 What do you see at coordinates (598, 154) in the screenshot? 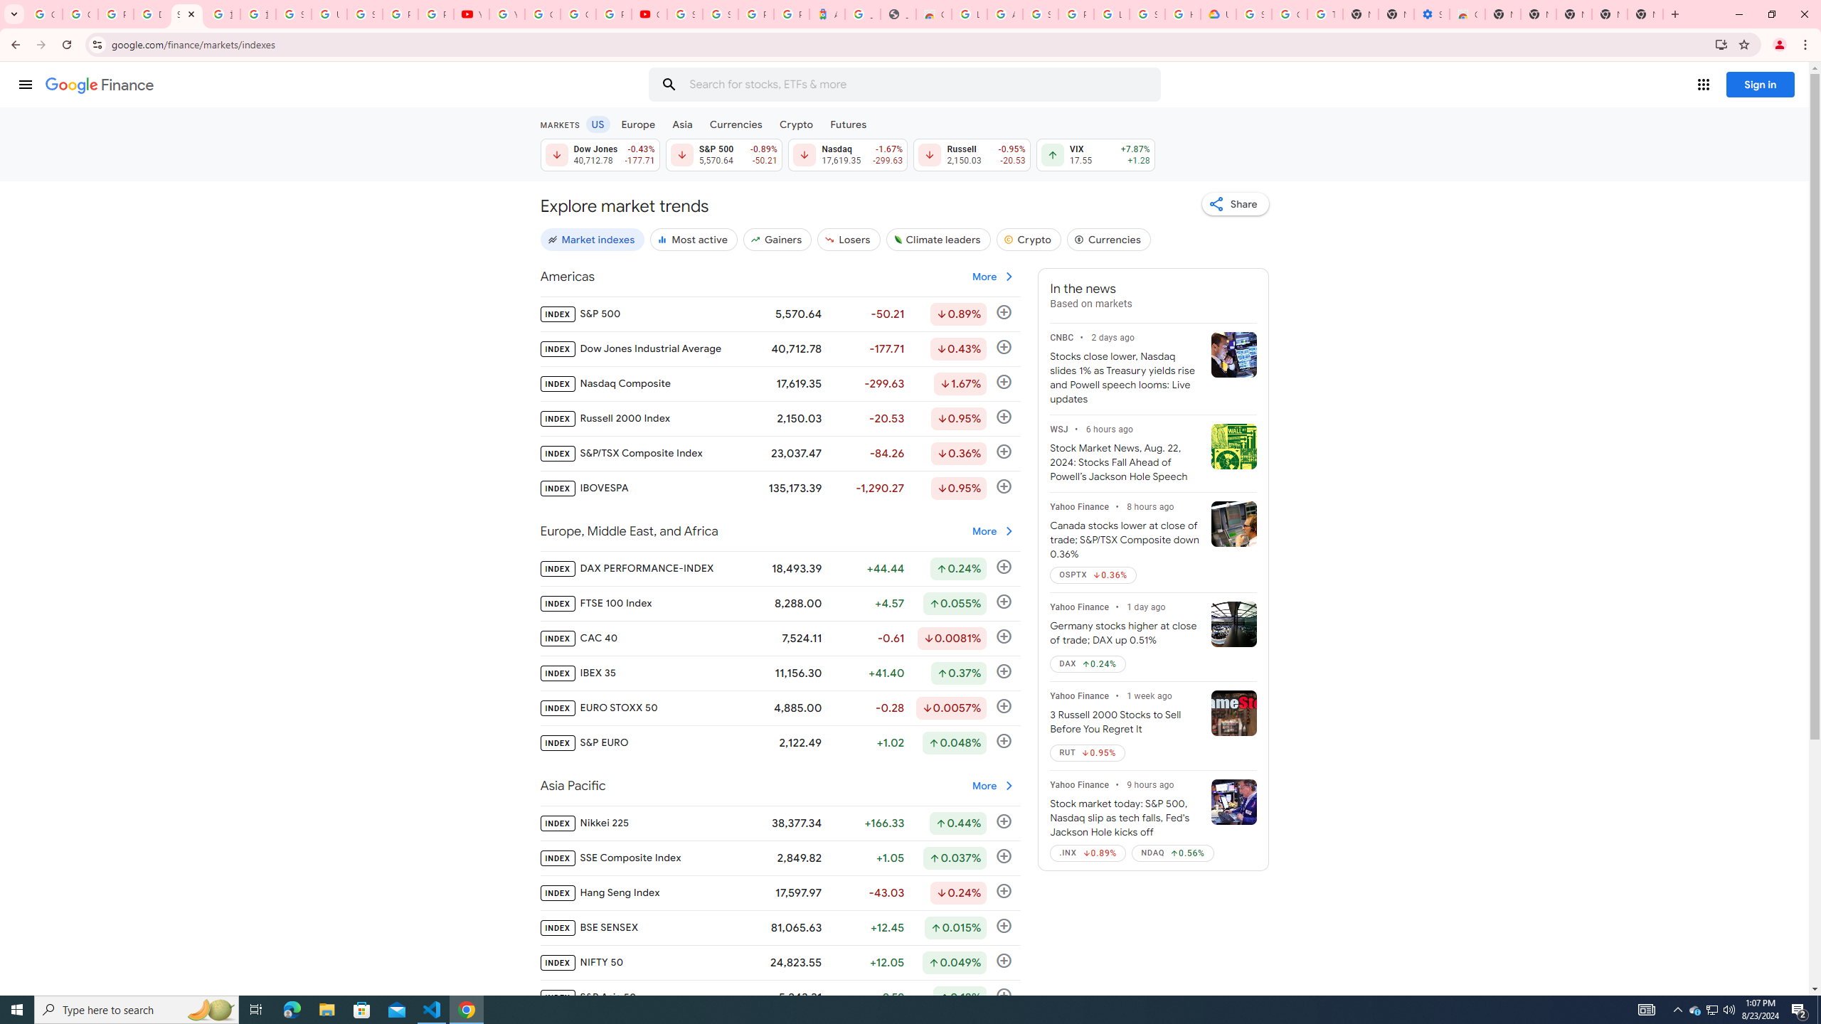
I see `'Dow Jones 40,712.78 Down by 0.43% -177.71'` at bounding box center [598, 154].